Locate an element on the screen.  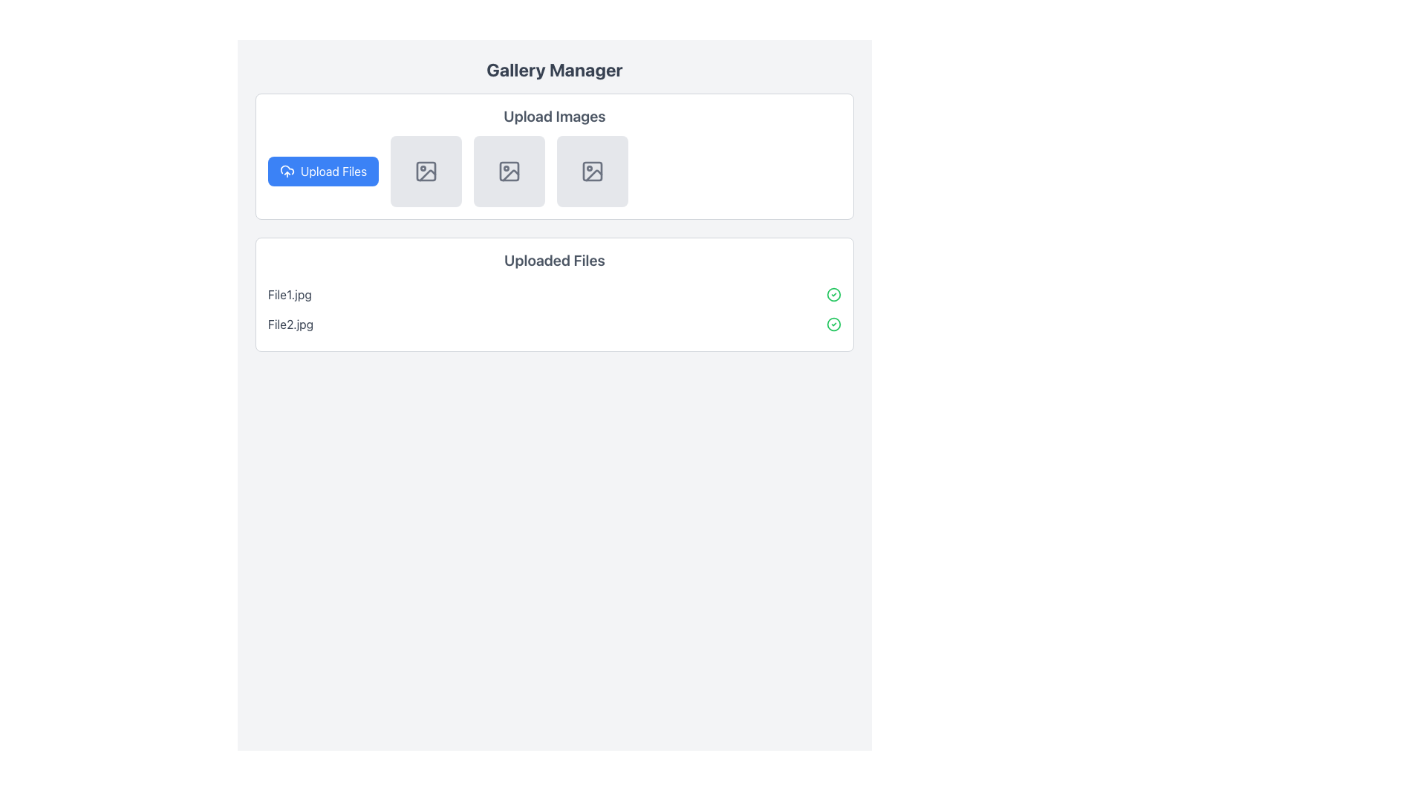
the circular decorative vector element that forms the base of the green check-mark icon located next to the 'File2.jpg' label in the Uploaded Files section is located at coordinates (834, 295).